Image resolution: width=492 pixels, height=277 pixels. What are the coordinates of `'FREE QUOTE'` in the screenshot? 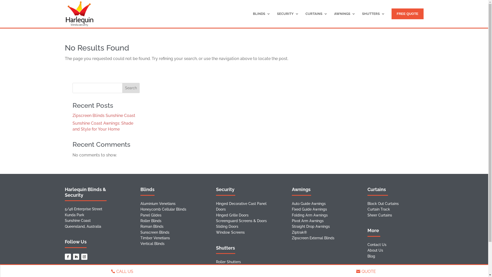 It's located at (407, 14).